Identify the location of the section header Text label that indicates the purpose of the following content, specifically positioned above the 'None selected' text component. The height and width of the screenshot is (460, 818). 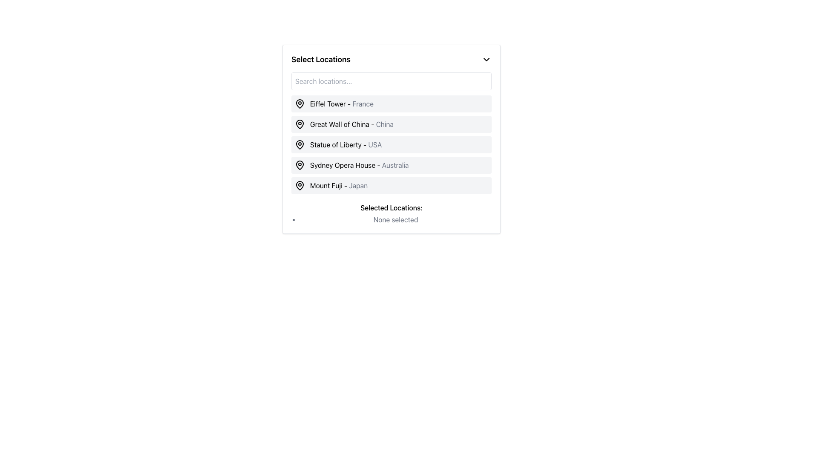
(391, 208).